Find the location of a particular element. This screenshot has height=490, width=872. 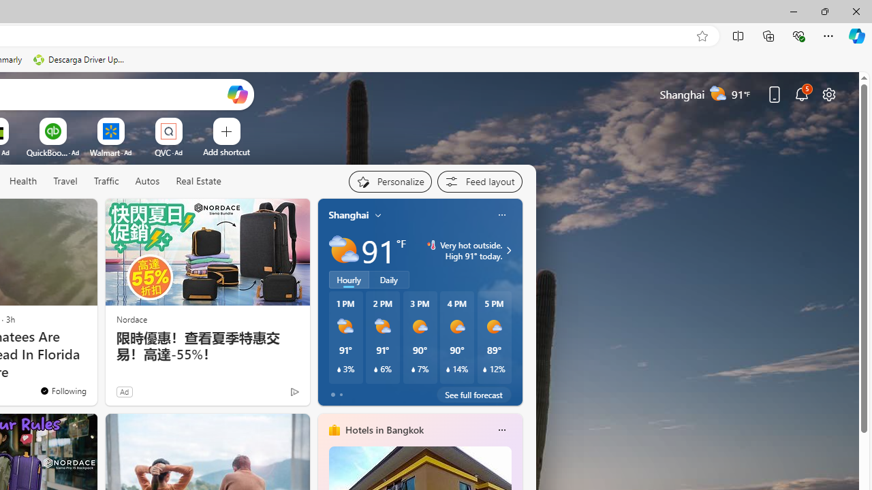

'Descarga Driver Updater' is located at coordinates (80, 59).